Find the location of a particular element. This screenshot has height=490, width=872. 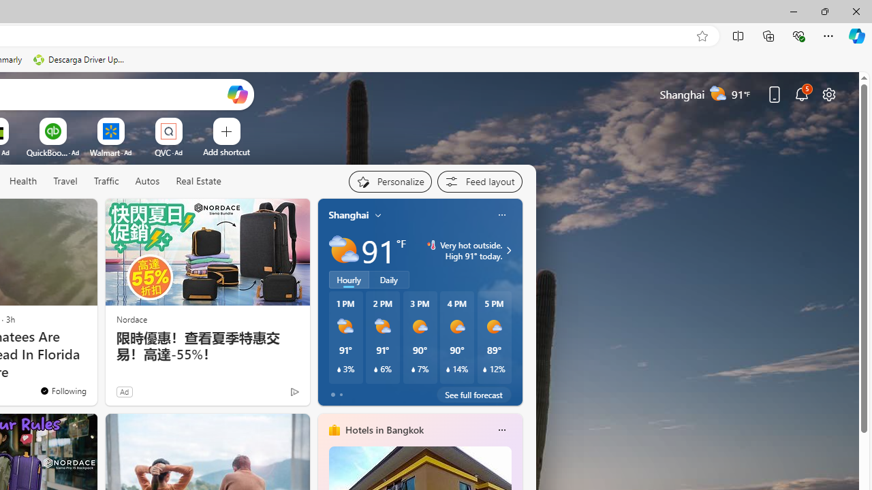

'Descarga Driver Updater' is located at coordinates (80, 59).